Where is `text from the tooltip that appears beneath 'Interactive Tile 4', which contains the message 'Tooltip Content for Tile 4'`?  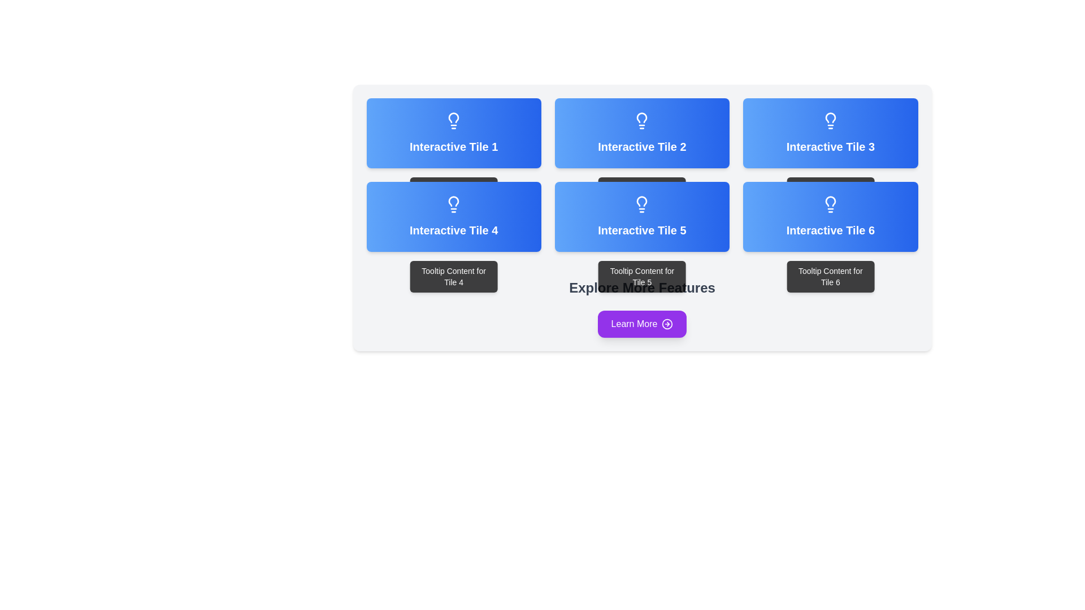 text from the tooltip that appears beneath 'Interactive Tile 4', which contains the message 'Tooltip Content for Tile 4' is located at coordinates (454, 276).